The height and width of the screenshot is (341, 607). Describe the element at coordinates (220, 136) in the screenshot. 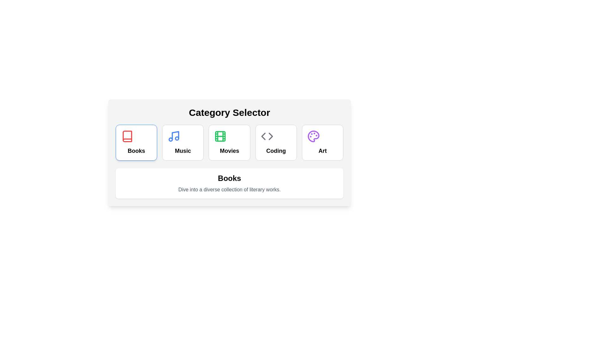

I see `the green rectangle or square component located within the third category icon from the left in the top row of the interface's category section, adjacent to the 'Movies' label` at that location.